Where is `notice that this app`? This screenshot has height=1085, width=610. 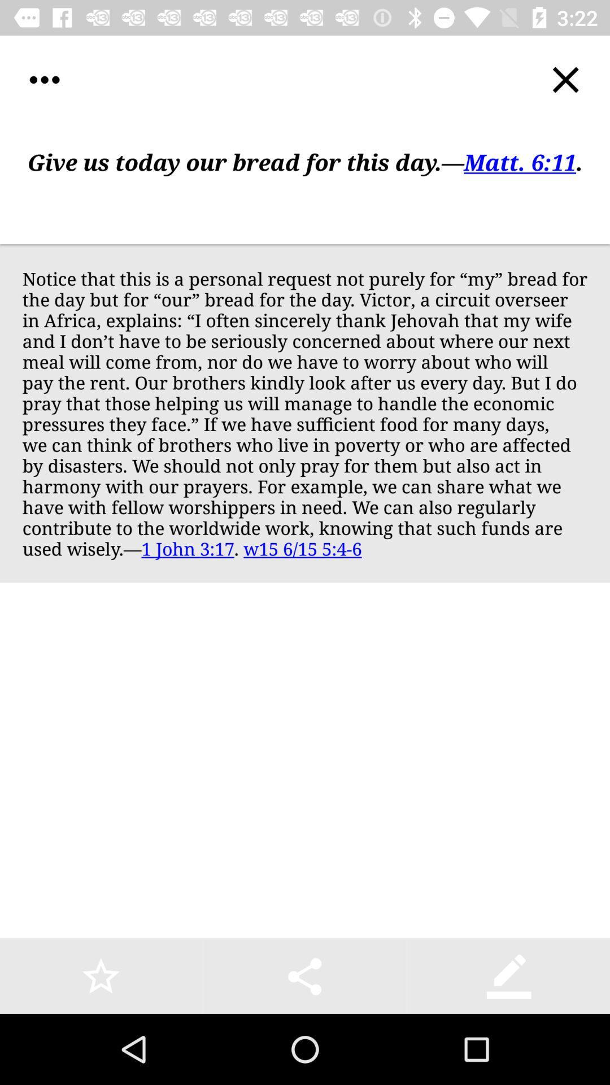 notice that this app is located at coordinates (305, 413).